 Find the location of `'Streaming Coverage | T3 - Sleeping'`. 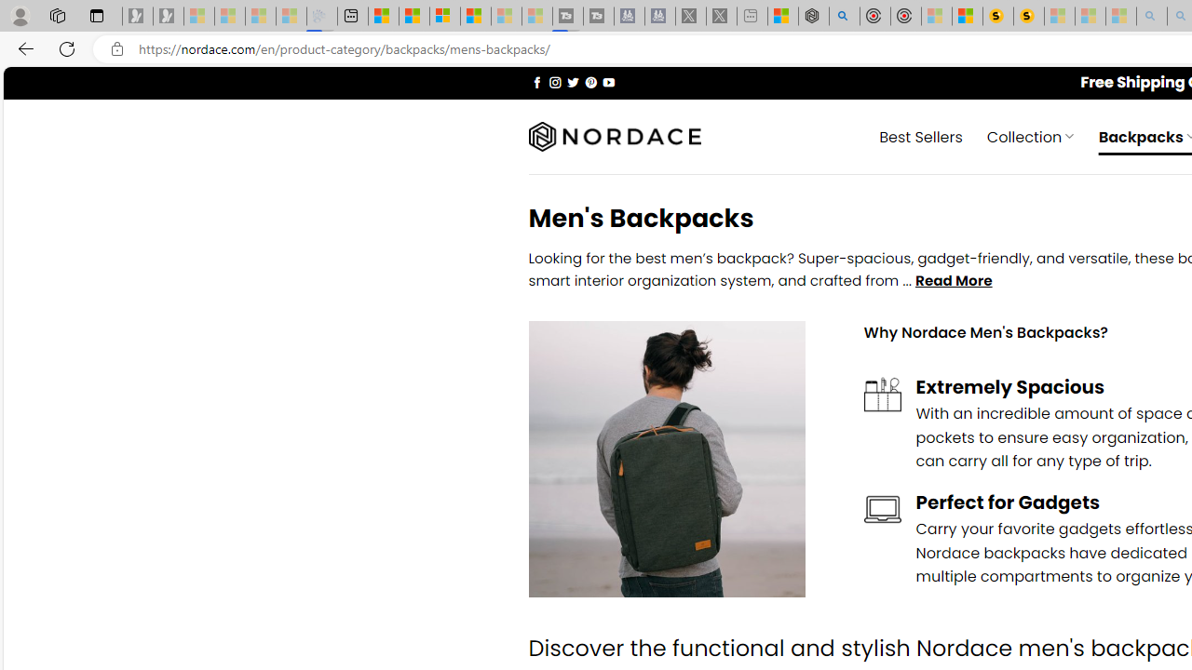

'Streaming Coverage | T3 - Sleeping' is located at coordinates (566, 16).